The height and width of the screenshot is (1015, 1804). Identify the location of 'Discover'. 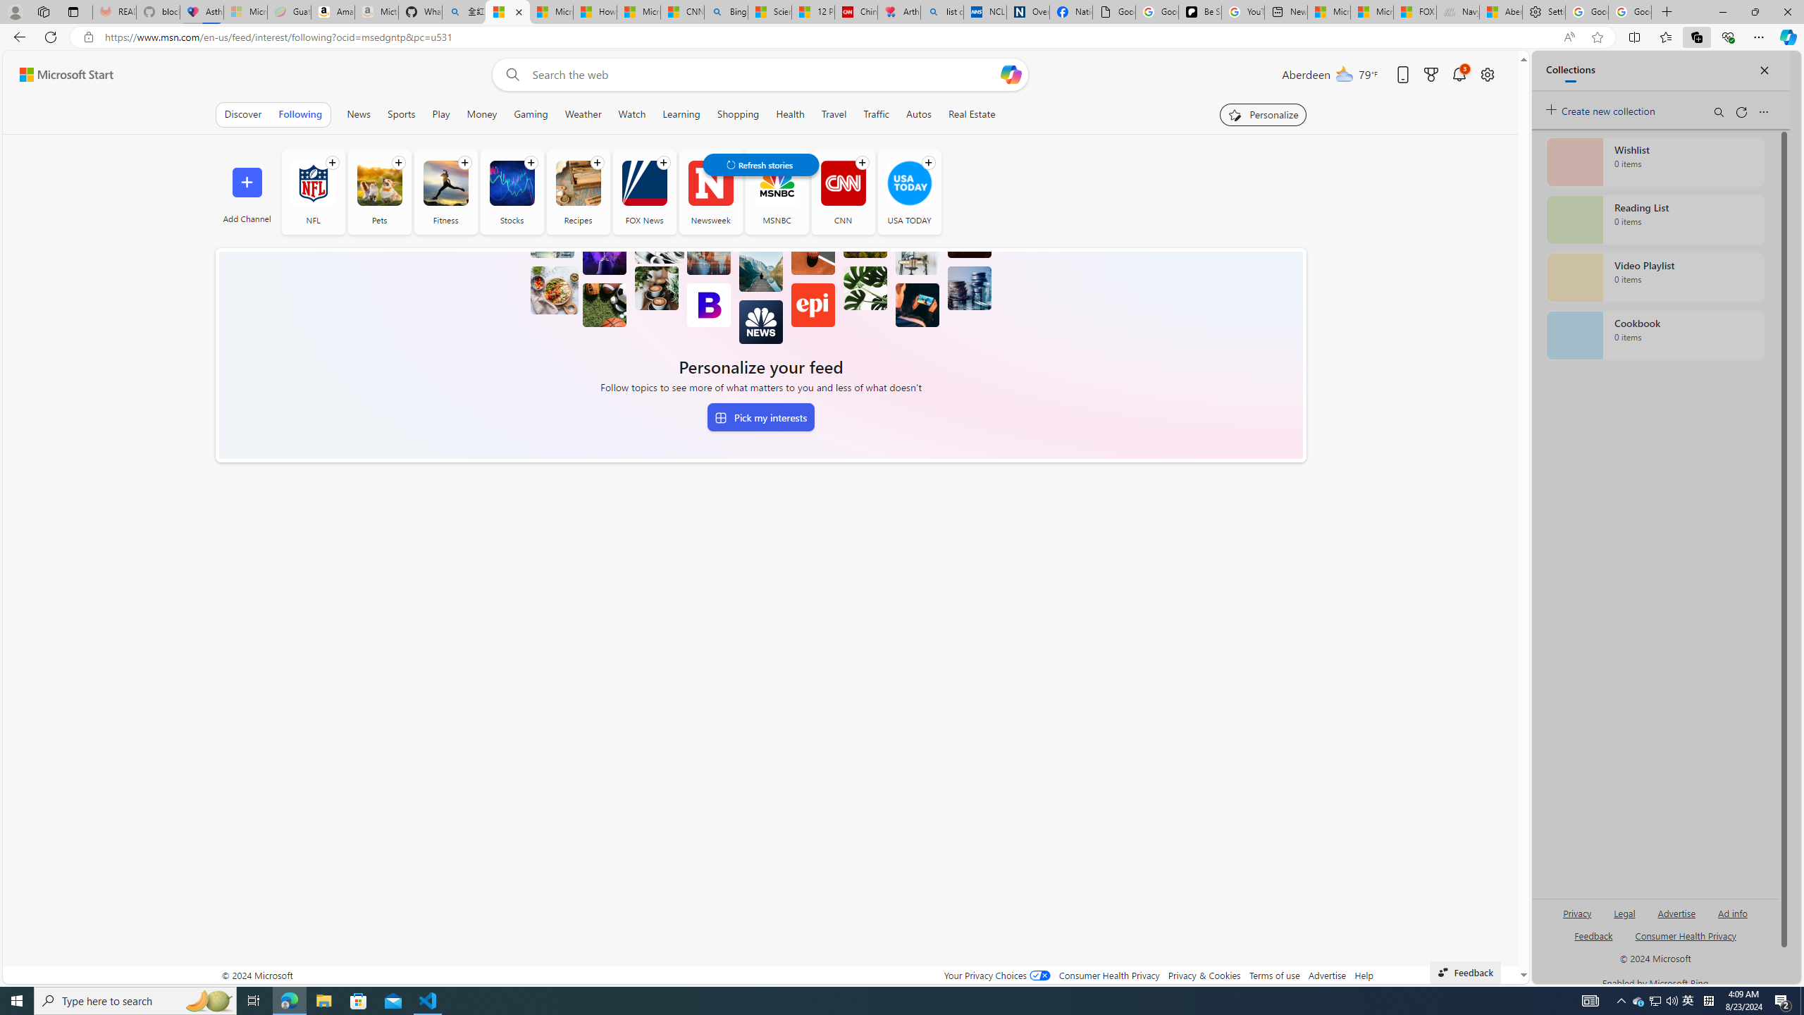
(242, 113).